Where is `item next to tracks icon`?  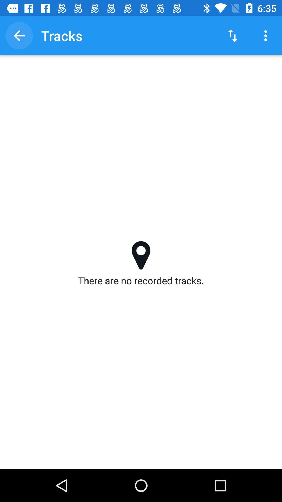 item next to tracks icon is located at coordinates (19, 35).